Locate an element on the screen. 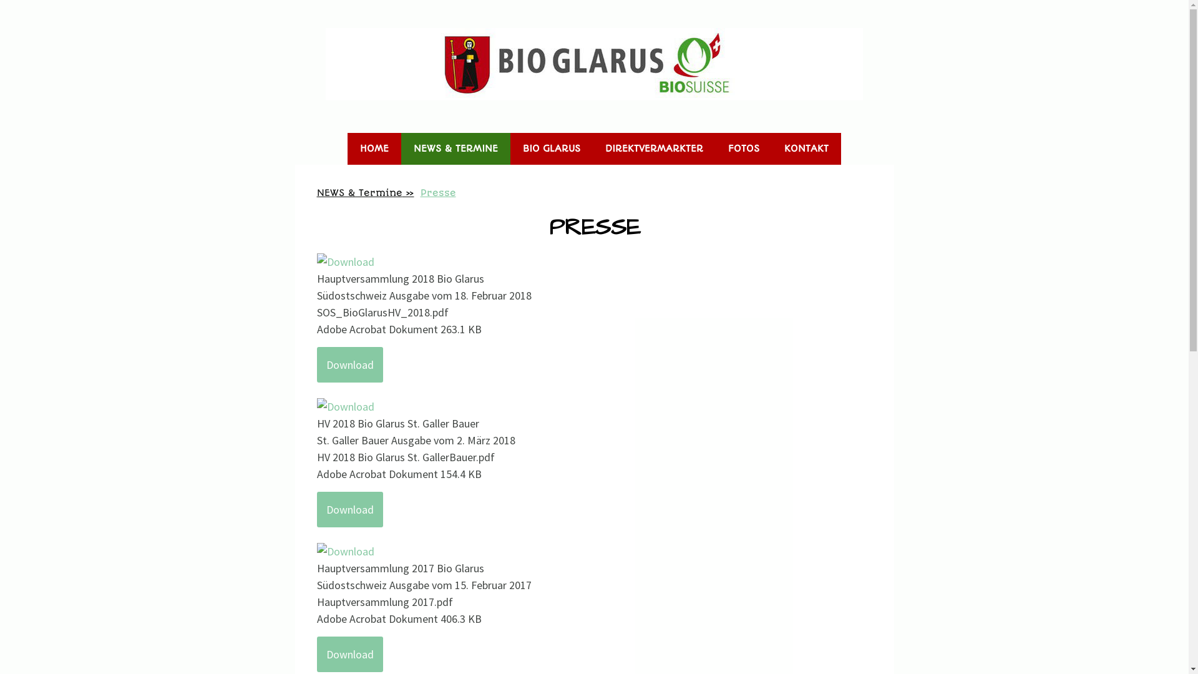 This screenshot has width=1198, height=674. 'BIO GLARUS' is located at coordinates (550, 148).